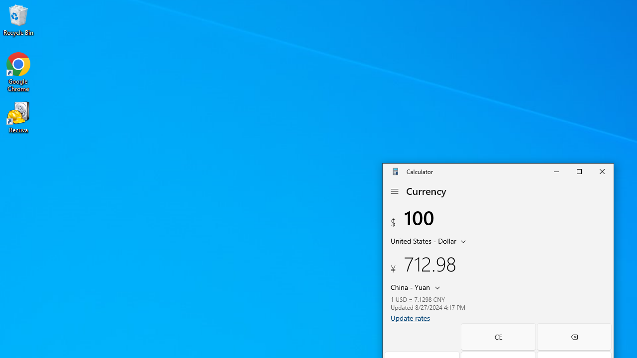 This screenshot has width=637, height=358. What do you see at coordinates (579, 171) in the screenshot?
I see `'Maximize Calculator'` at bounding box center [579, 171].